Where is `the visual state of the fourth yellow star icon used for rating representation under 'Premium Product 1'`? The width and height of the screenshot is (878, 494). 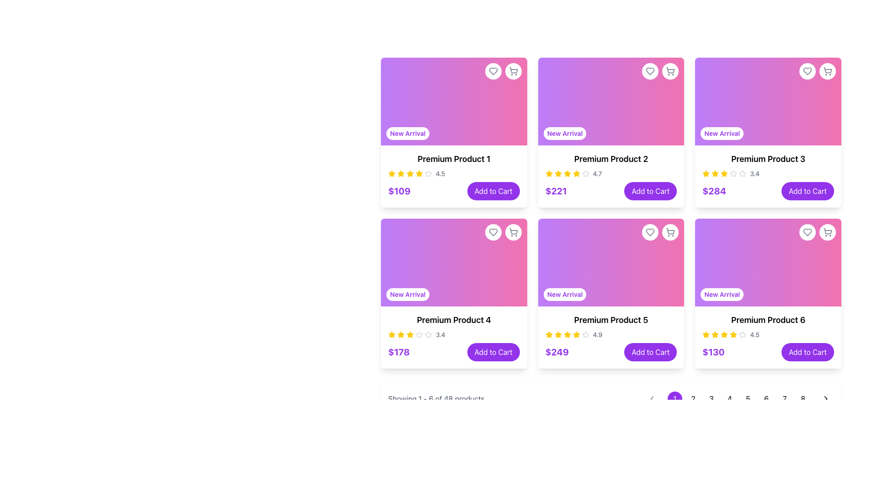 the visual state of the fourth yellow star icon used for rating representation under 'Premium Product 1' is located at coordinates (410, 174).